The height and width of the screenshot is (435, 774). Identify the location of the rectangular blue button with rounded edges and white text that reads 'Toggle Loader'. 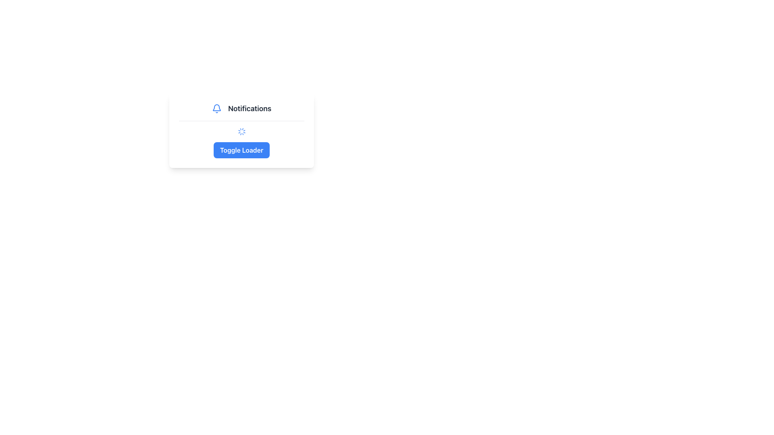
(241, 150).